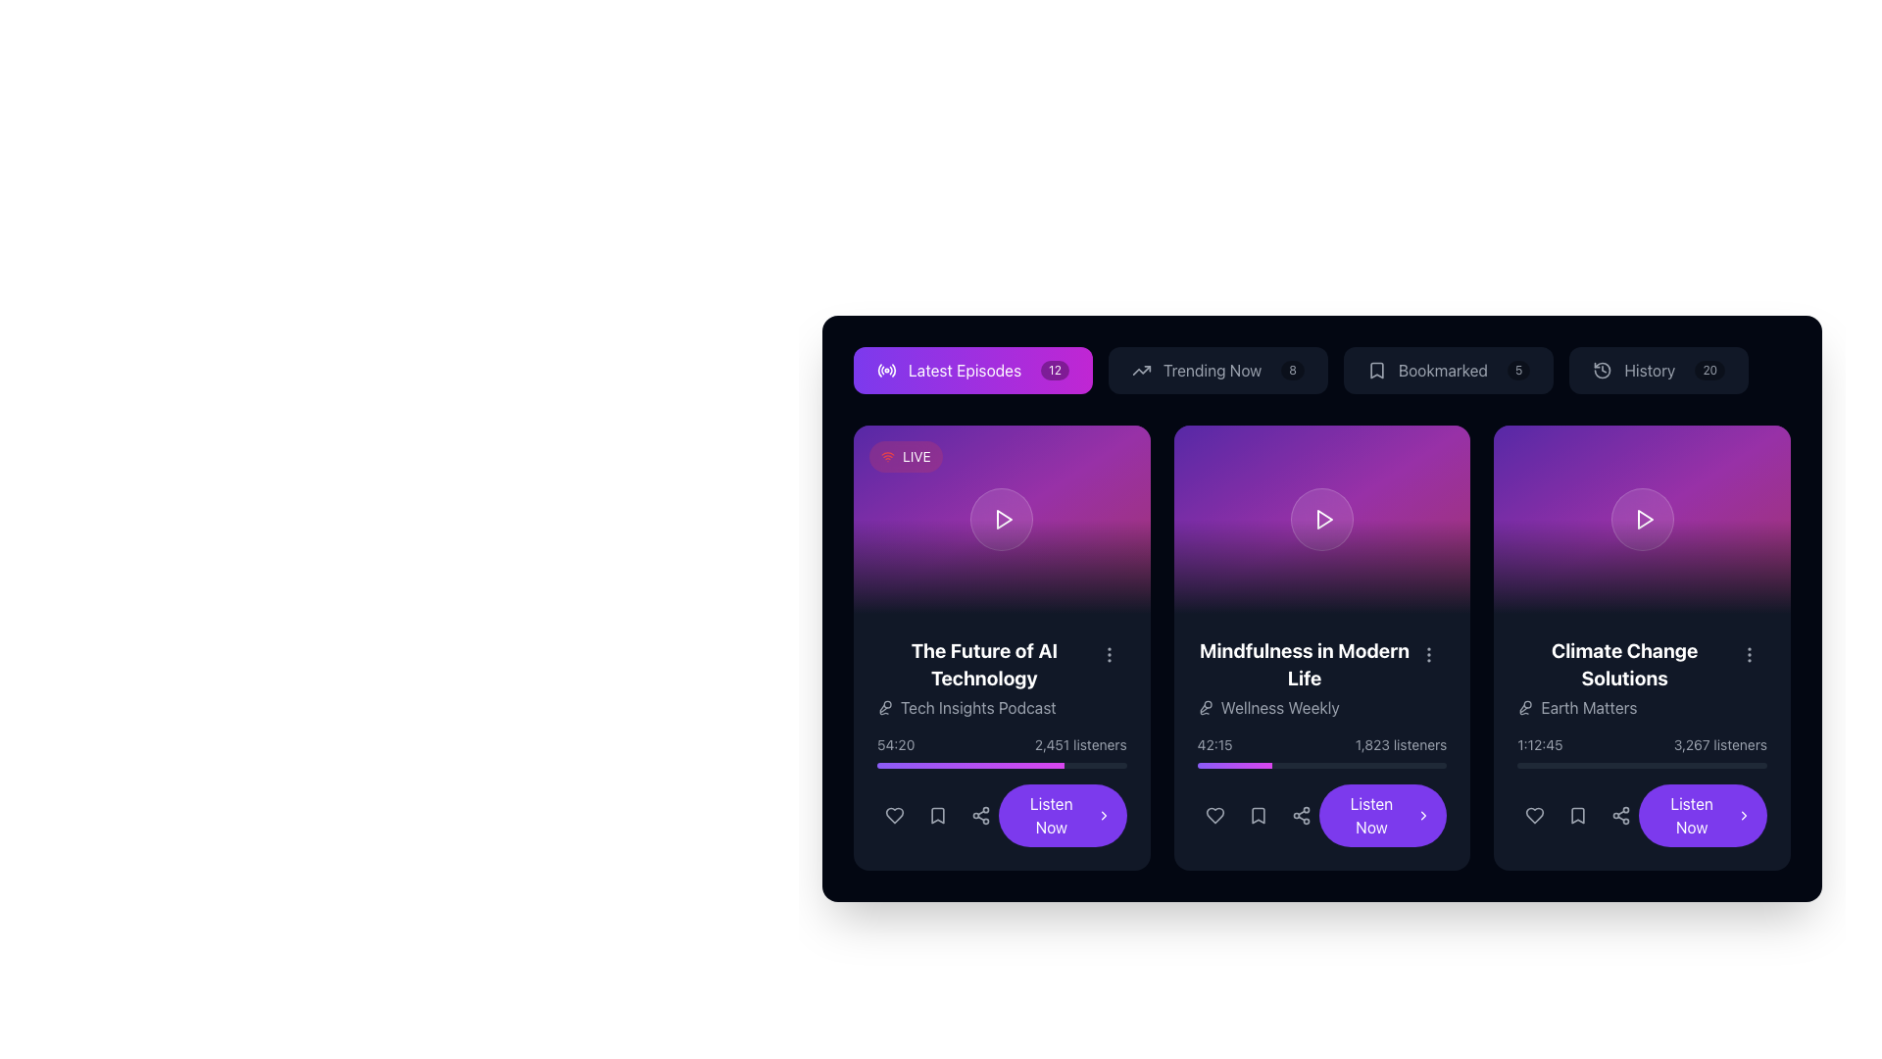 The image size is (1882, 1059). What do you see at coordinates (1624, 664) in the screenshot?
I see `the Text label at the top center of the third card from the left in a horizontally-arranged grid of cards` at bounding box center [1624, 664].